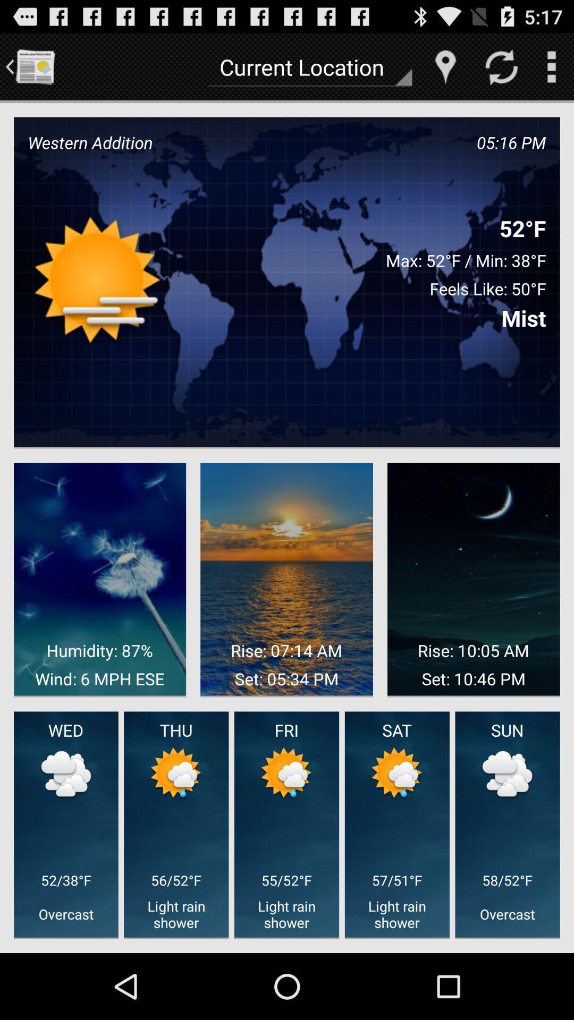 The height and width of the screenshot is (1020, 574). What do you see at coordinates (501, 71) in the screenshot?
I see `the refresh icon` at bounding box center [501, 71].